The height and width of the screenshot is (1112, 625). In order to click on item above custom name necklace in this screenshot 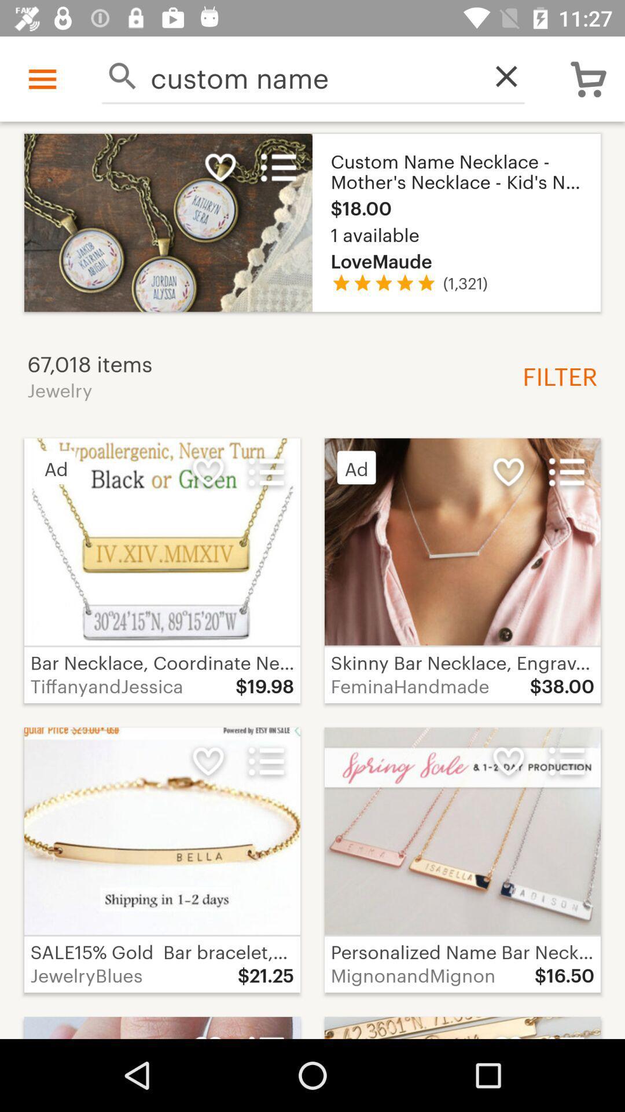, I will do `click(499, 75)`.